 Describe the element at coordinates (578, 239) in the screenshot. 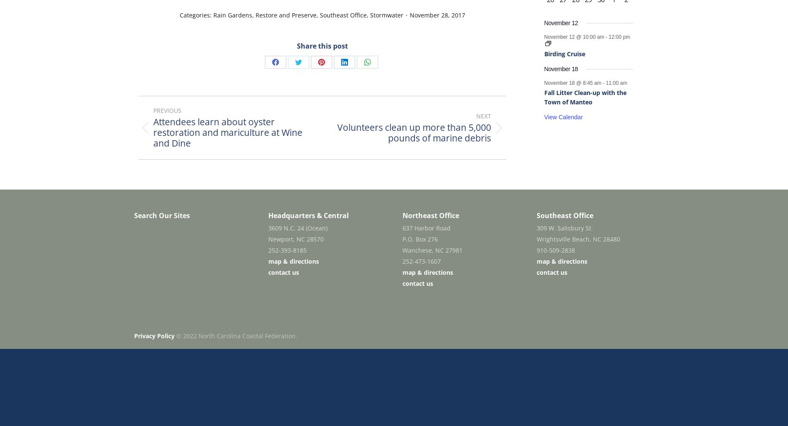

I see `'Wrightsville Beach, NC 28480'` at that location.